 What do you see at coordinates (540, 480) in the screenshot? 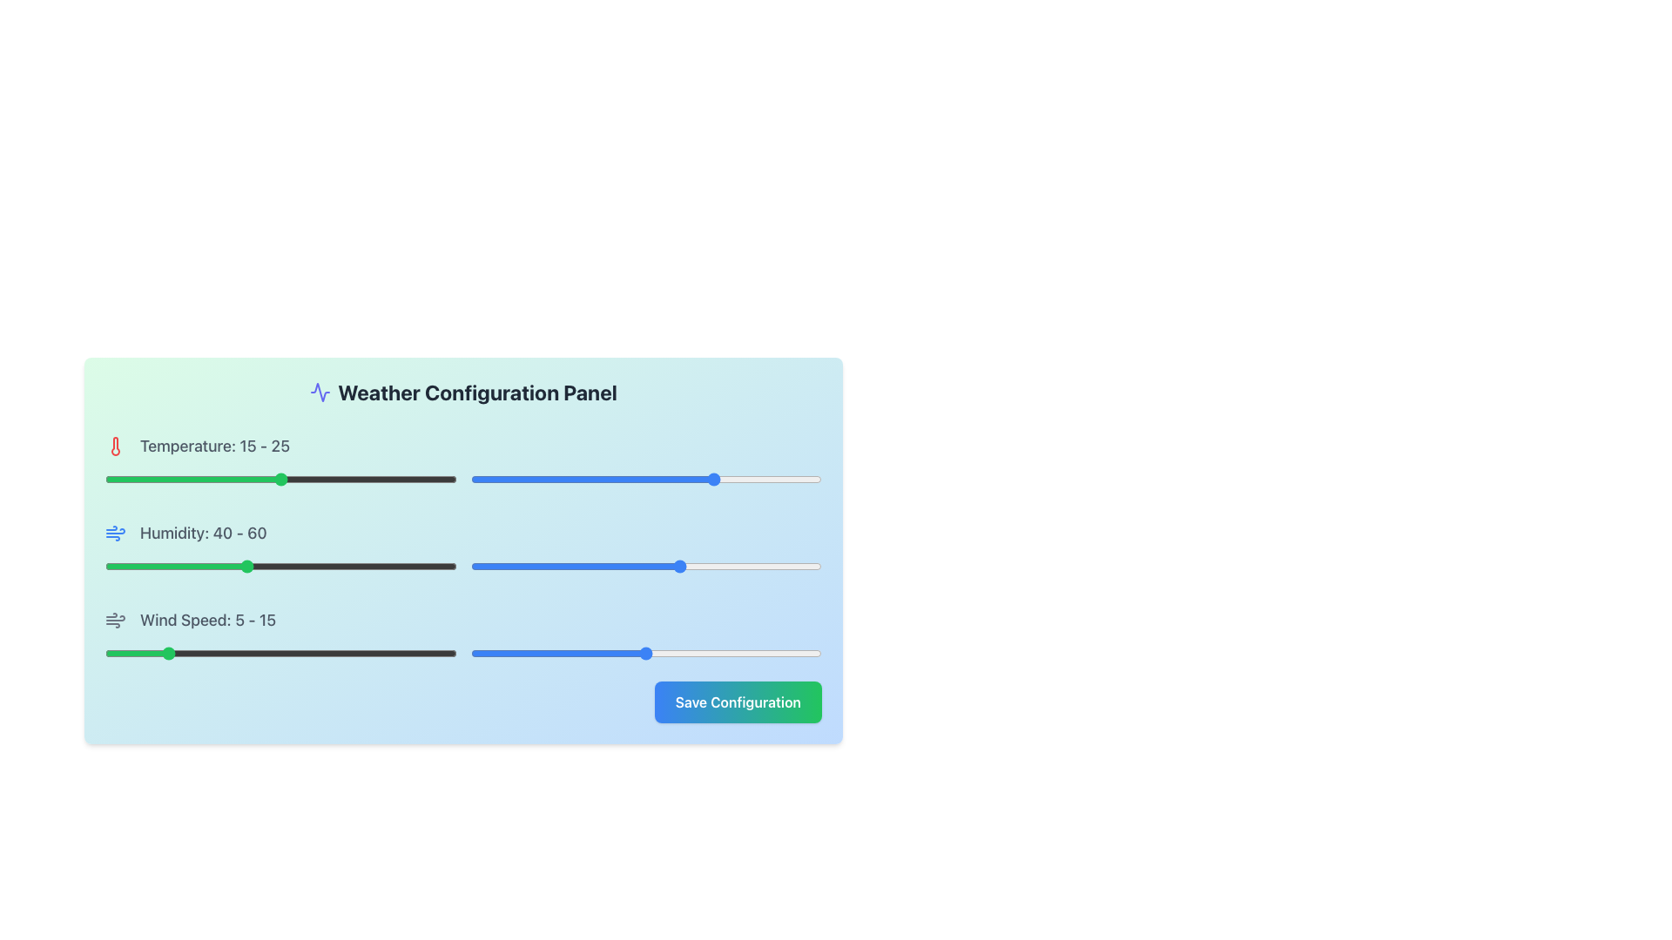
I see `value of the slider` at bounding box center [540, 480].